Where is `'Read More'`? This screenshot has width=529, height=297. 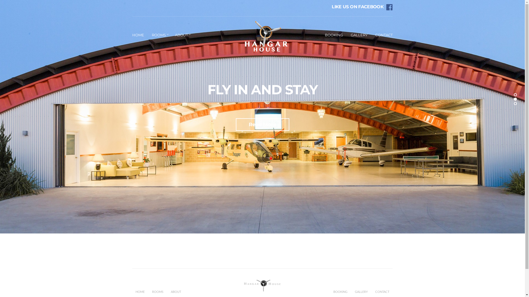 'Read More' is located at coordinates (262, 124).